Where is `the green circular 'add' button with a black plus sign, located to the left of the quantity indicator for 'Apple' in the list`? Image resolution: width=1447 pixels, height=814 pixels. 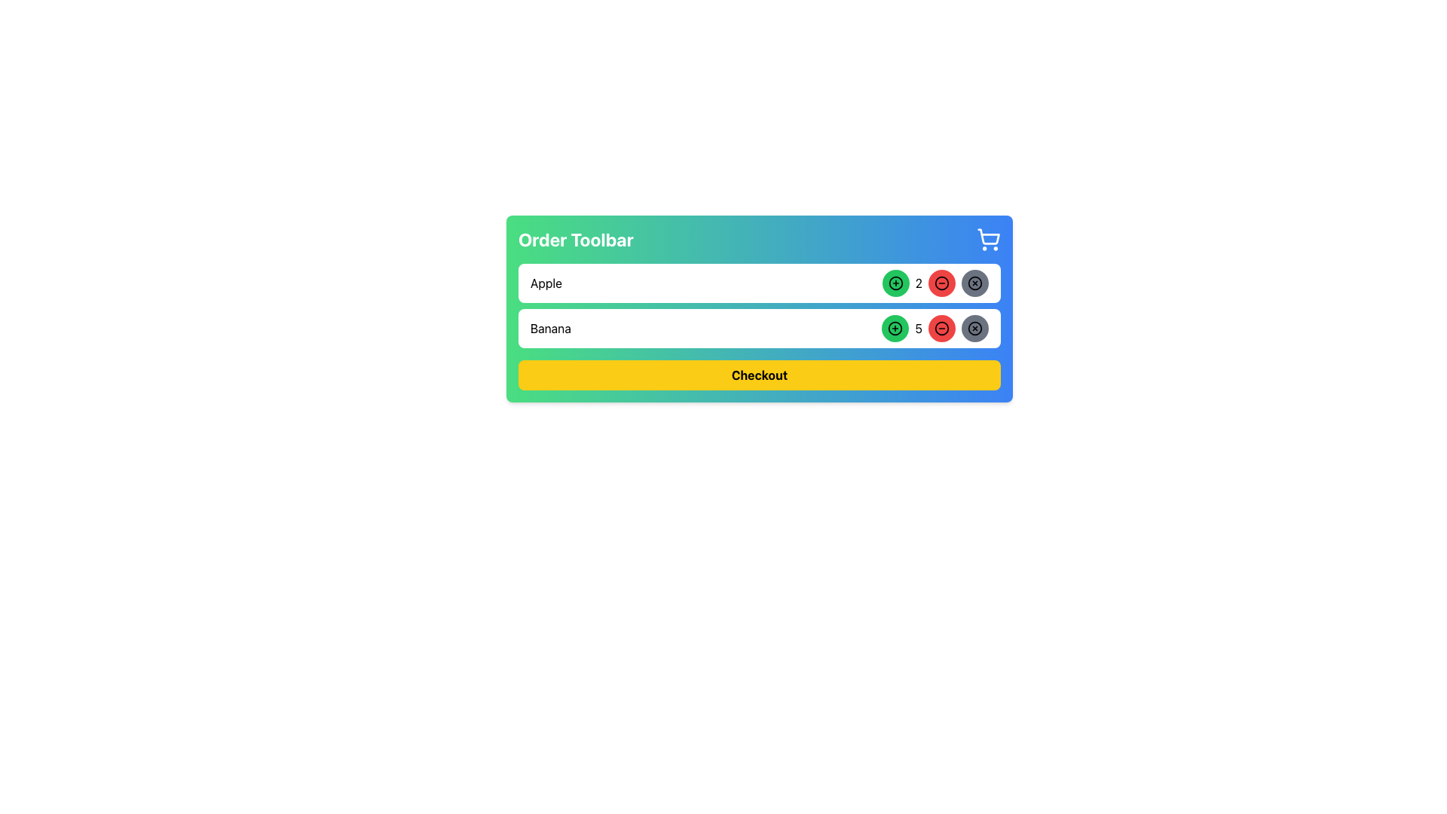 the green circular 'add' button with a black plus sign, located to the left of the quantity indicator for 'Apple' in the list is located at coordinates (895, 283).